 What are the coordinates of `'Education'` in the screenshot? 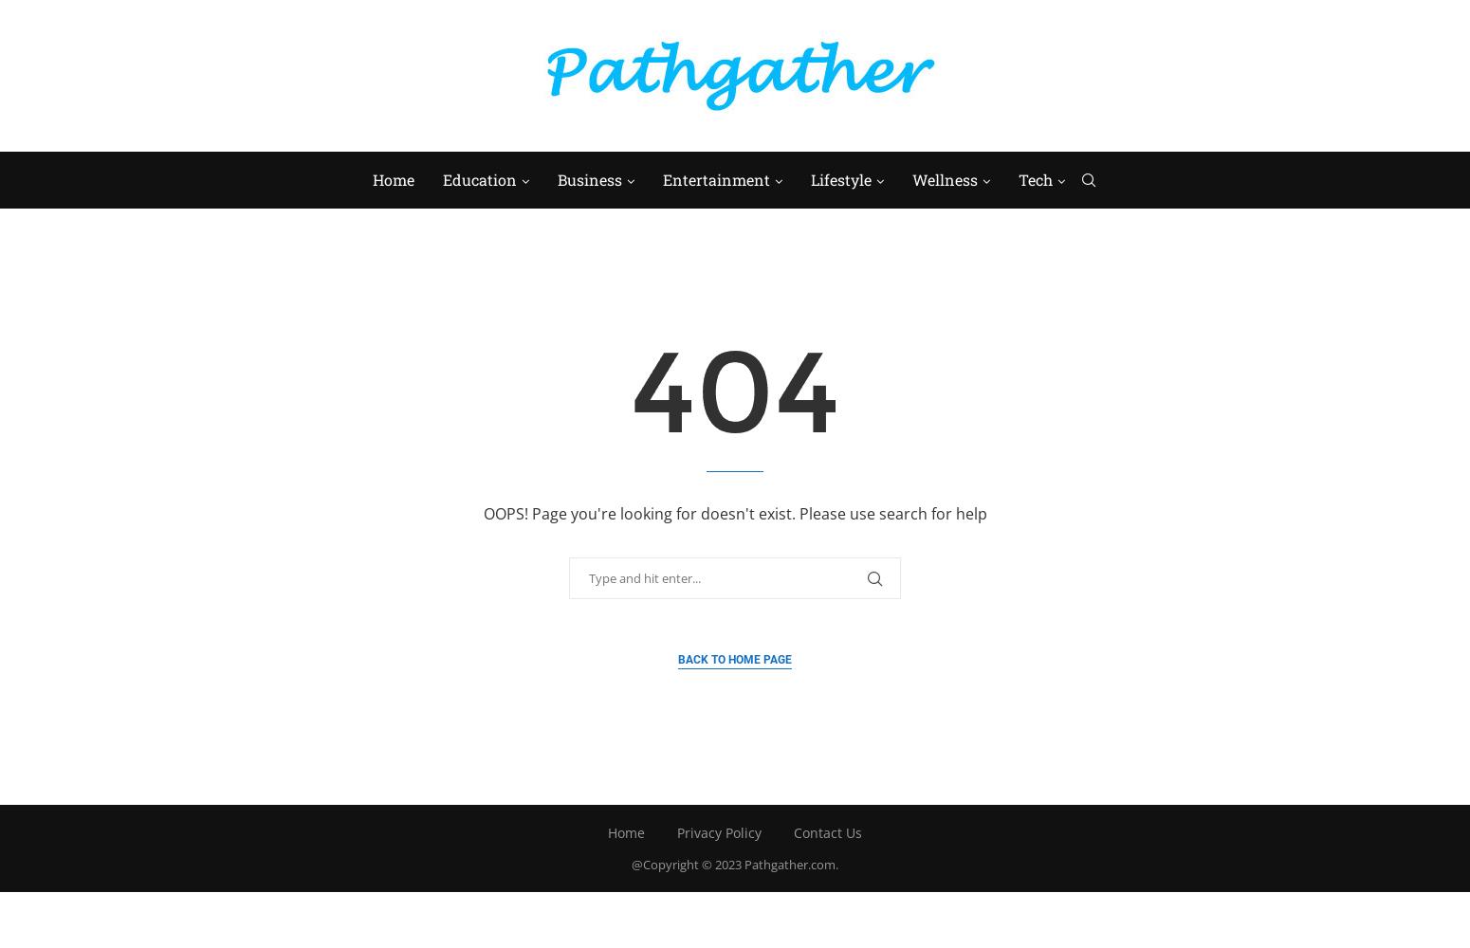 It's located at (477, 178).